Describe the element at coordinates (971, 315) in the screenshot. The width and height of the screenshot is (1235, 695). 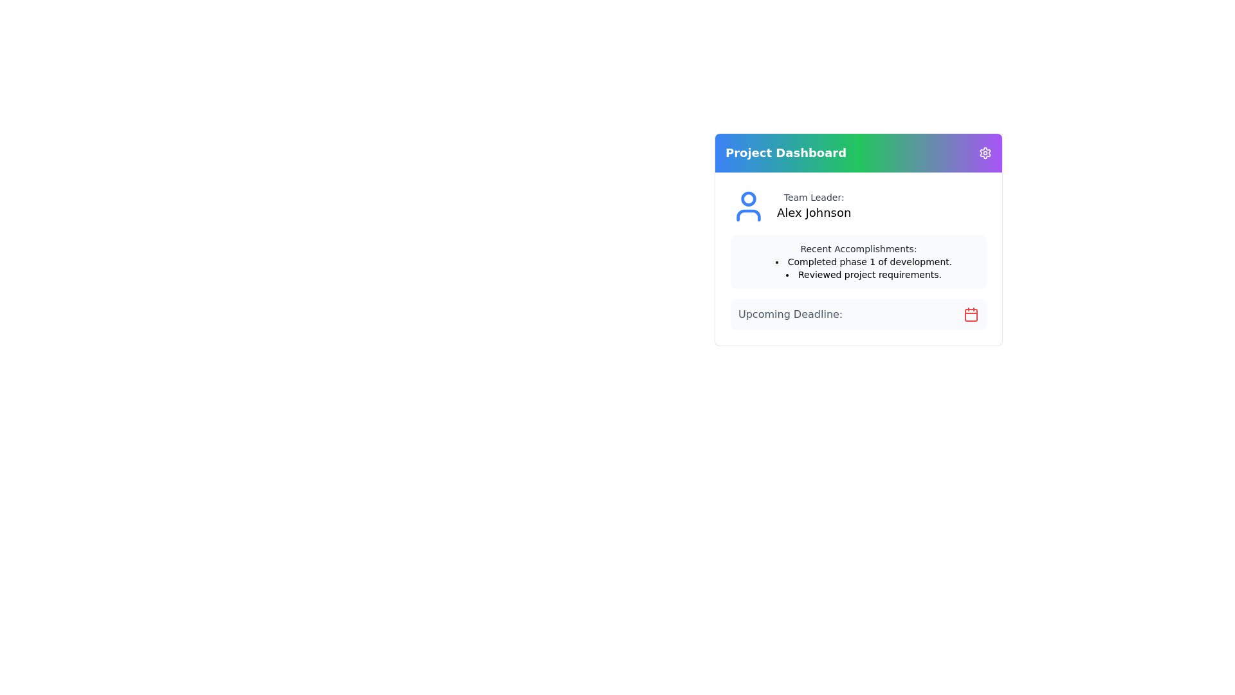
I see `the icon located at the far right side of the 'Upcoming Deadline:' section in the 'Project Dashboard'` at that location.